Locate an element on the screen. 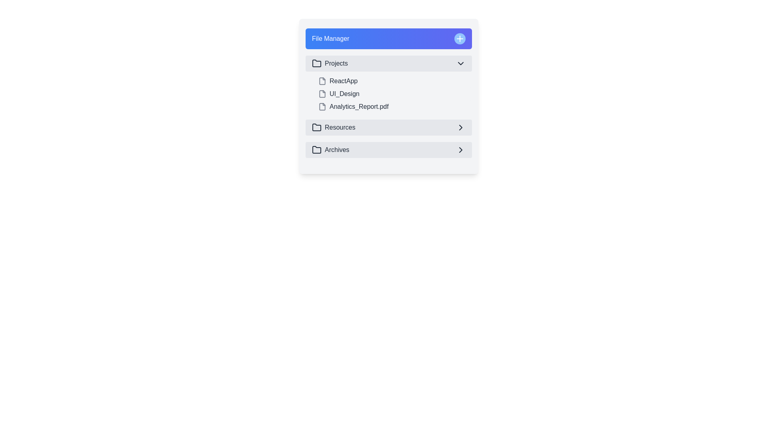  the 'Projects' text label in the file manager is located at coordinates (336, 63).